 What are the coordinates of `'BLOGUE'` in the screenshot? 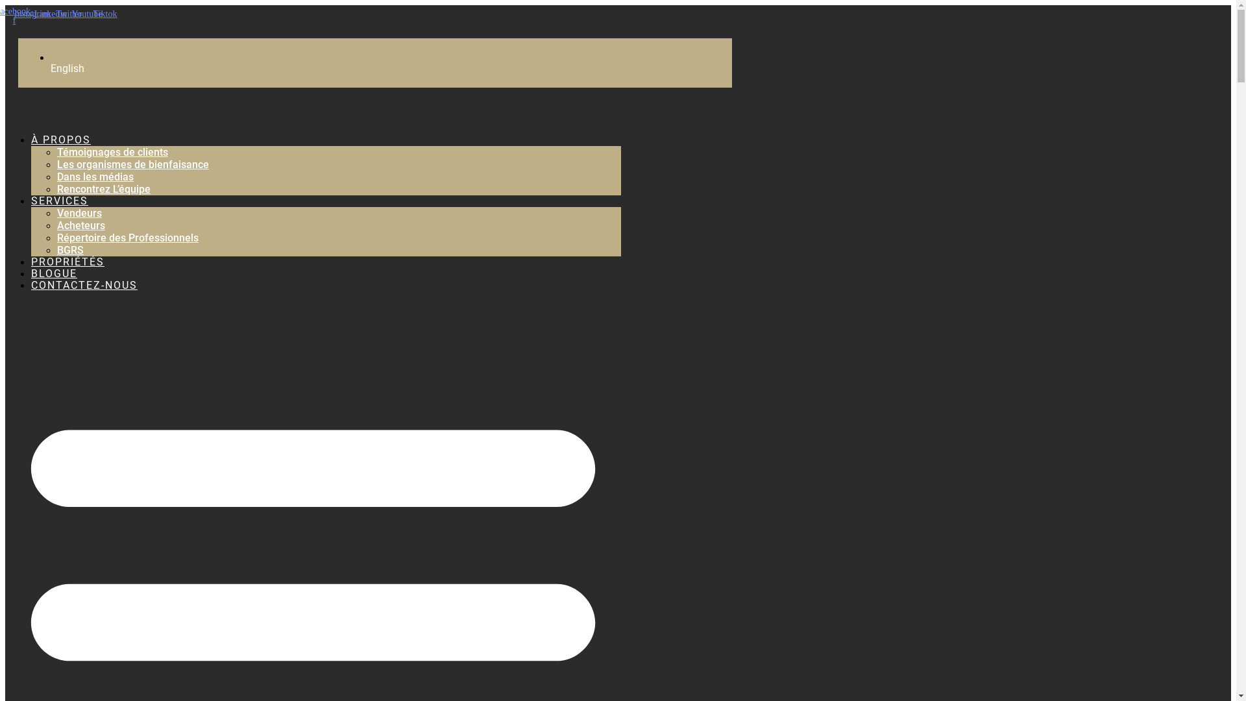 It's located at (53, 273).